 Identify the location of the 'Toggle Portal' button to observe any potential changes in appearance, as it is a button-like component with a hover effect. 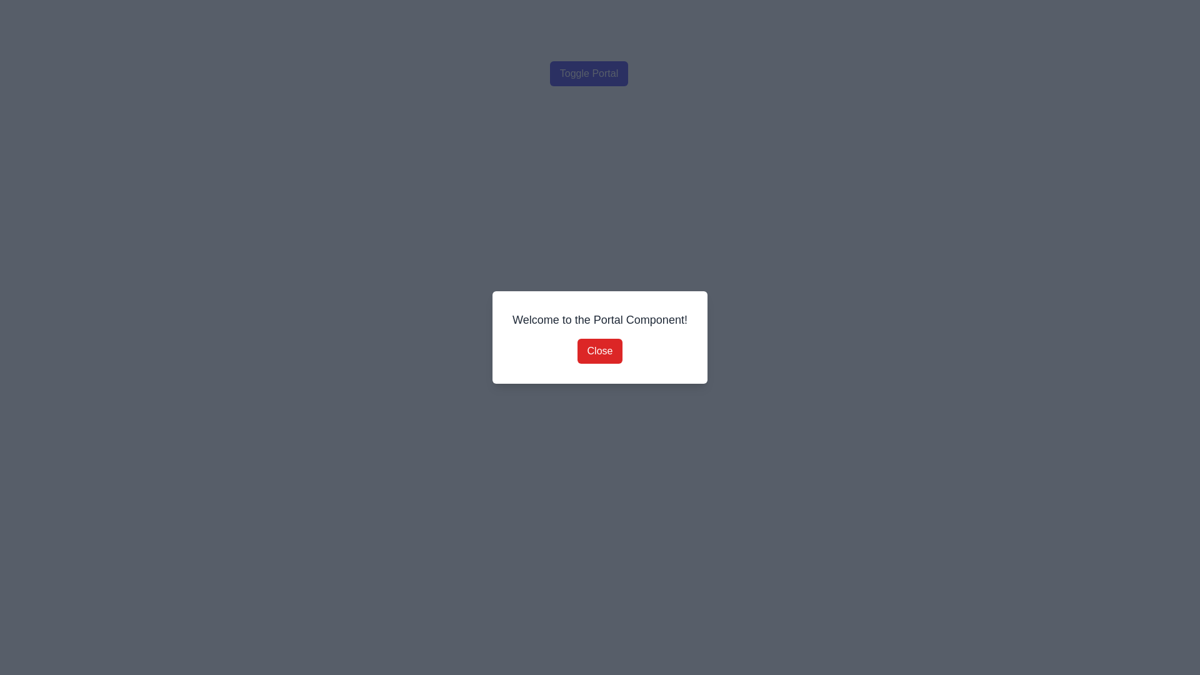
(588, 74).